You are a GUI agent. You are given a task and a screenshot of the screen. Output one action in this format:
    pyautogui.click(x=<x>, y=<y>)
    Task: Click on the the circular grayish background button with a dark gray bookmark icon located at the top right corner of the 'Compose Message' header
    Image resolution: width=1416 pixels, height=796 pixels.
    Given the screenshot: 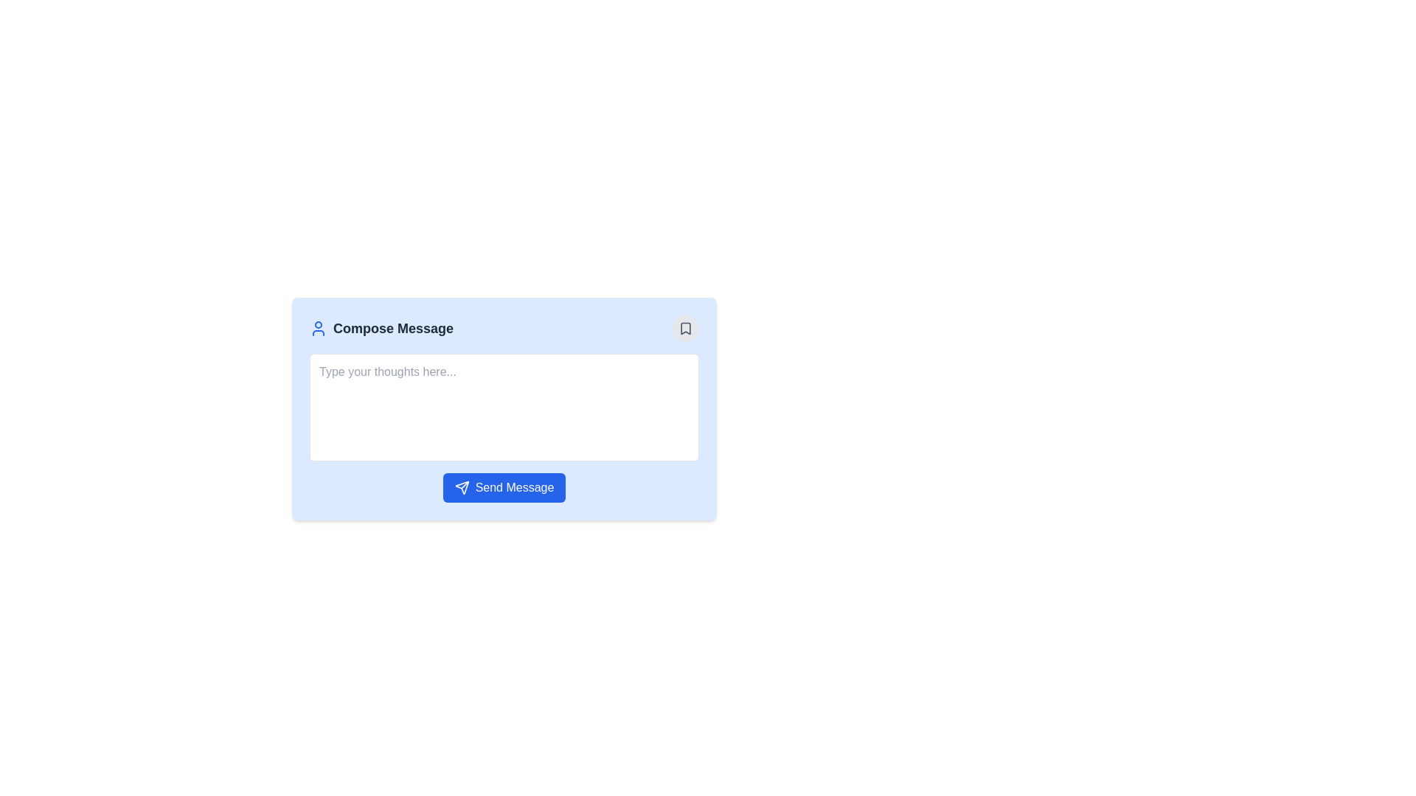 What is the action you would take?
    pyautogui.click(x=685, y=328)
    